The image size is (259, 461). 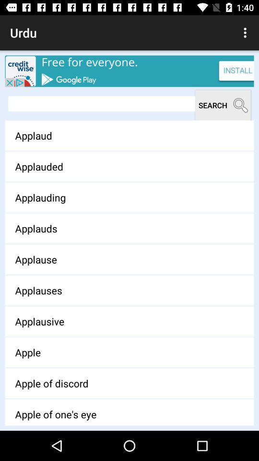 I want to click on search box, so click(x=101, y=104).